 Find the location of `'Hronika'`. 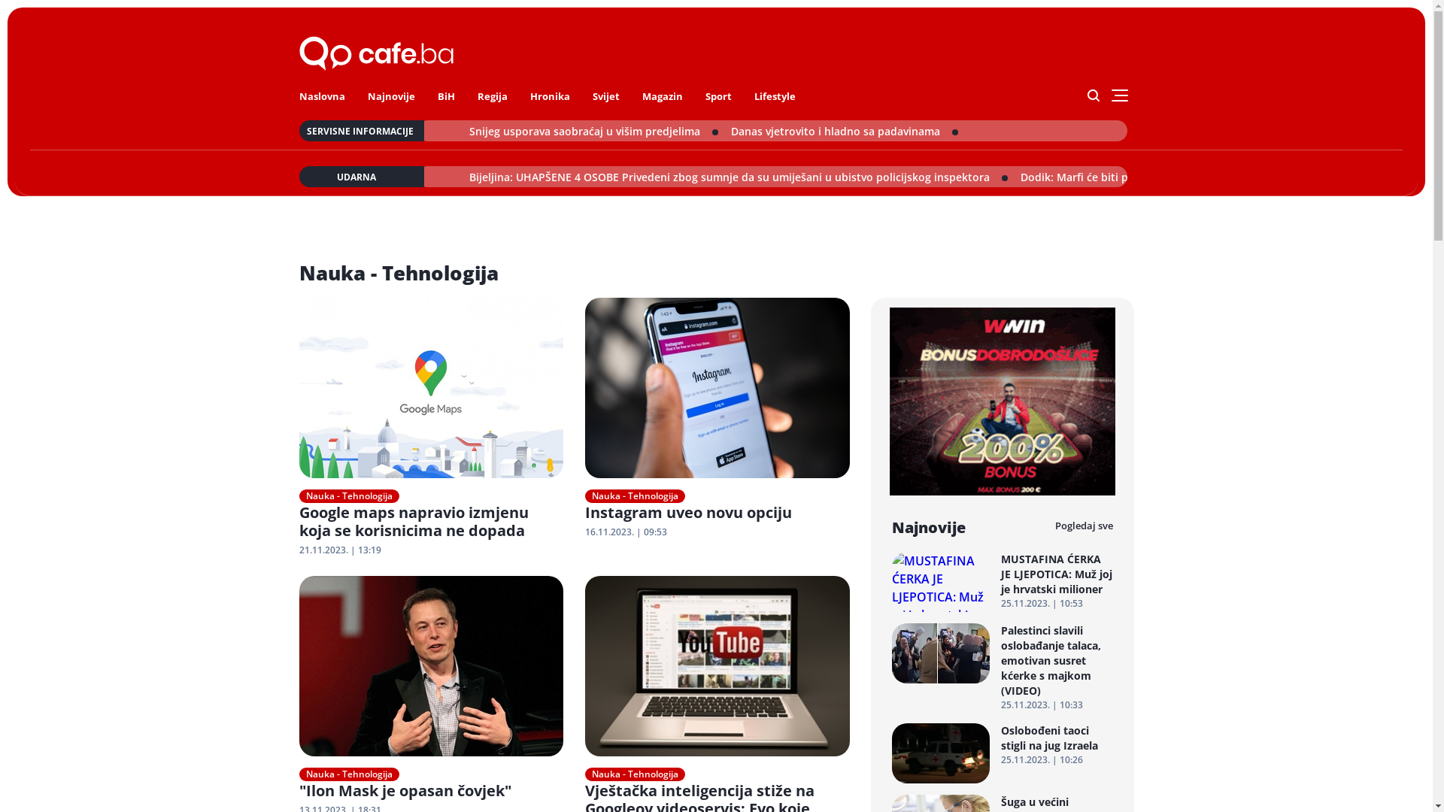

'Hronika' is located at coordinates (548, 95).